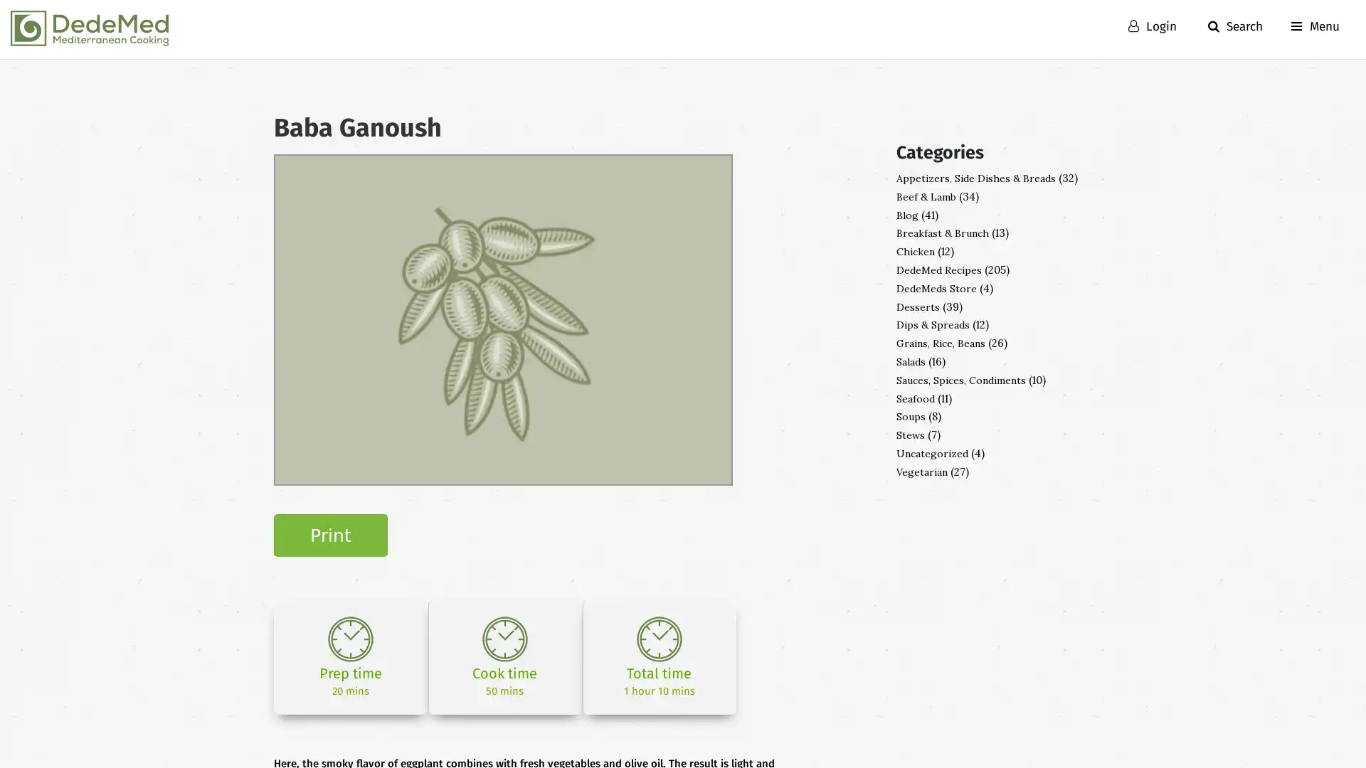  I want to click on Print, so click(330, 535).